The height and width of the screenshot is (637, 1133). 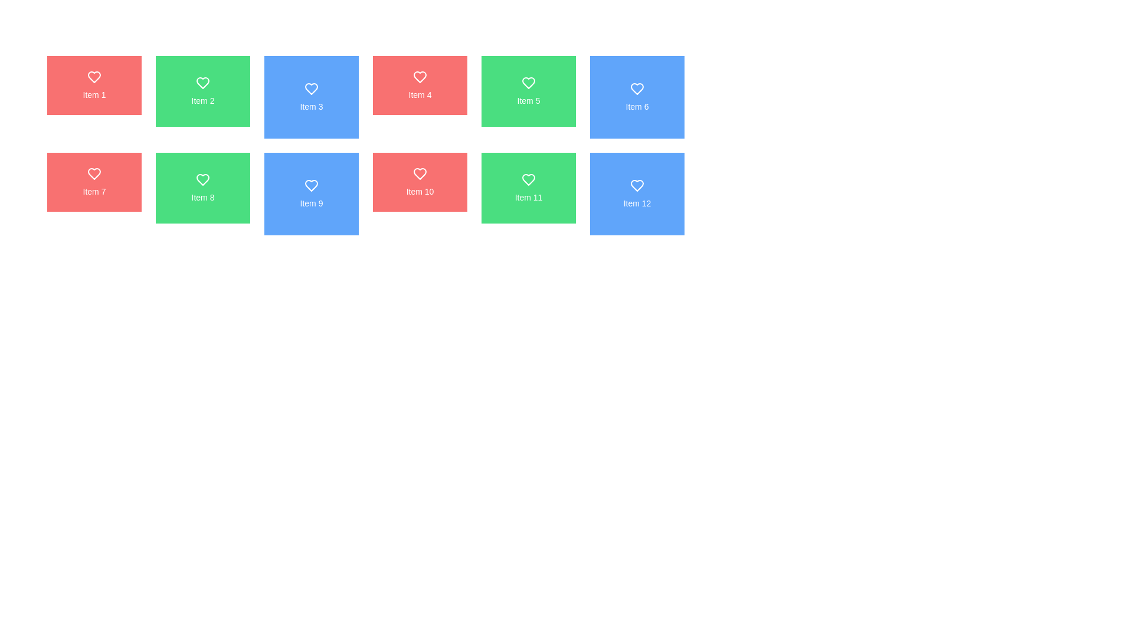 I want to click on the white text label that displays 'Item 11', which is centered within a green rectangular background, so click(x=528, y=197).